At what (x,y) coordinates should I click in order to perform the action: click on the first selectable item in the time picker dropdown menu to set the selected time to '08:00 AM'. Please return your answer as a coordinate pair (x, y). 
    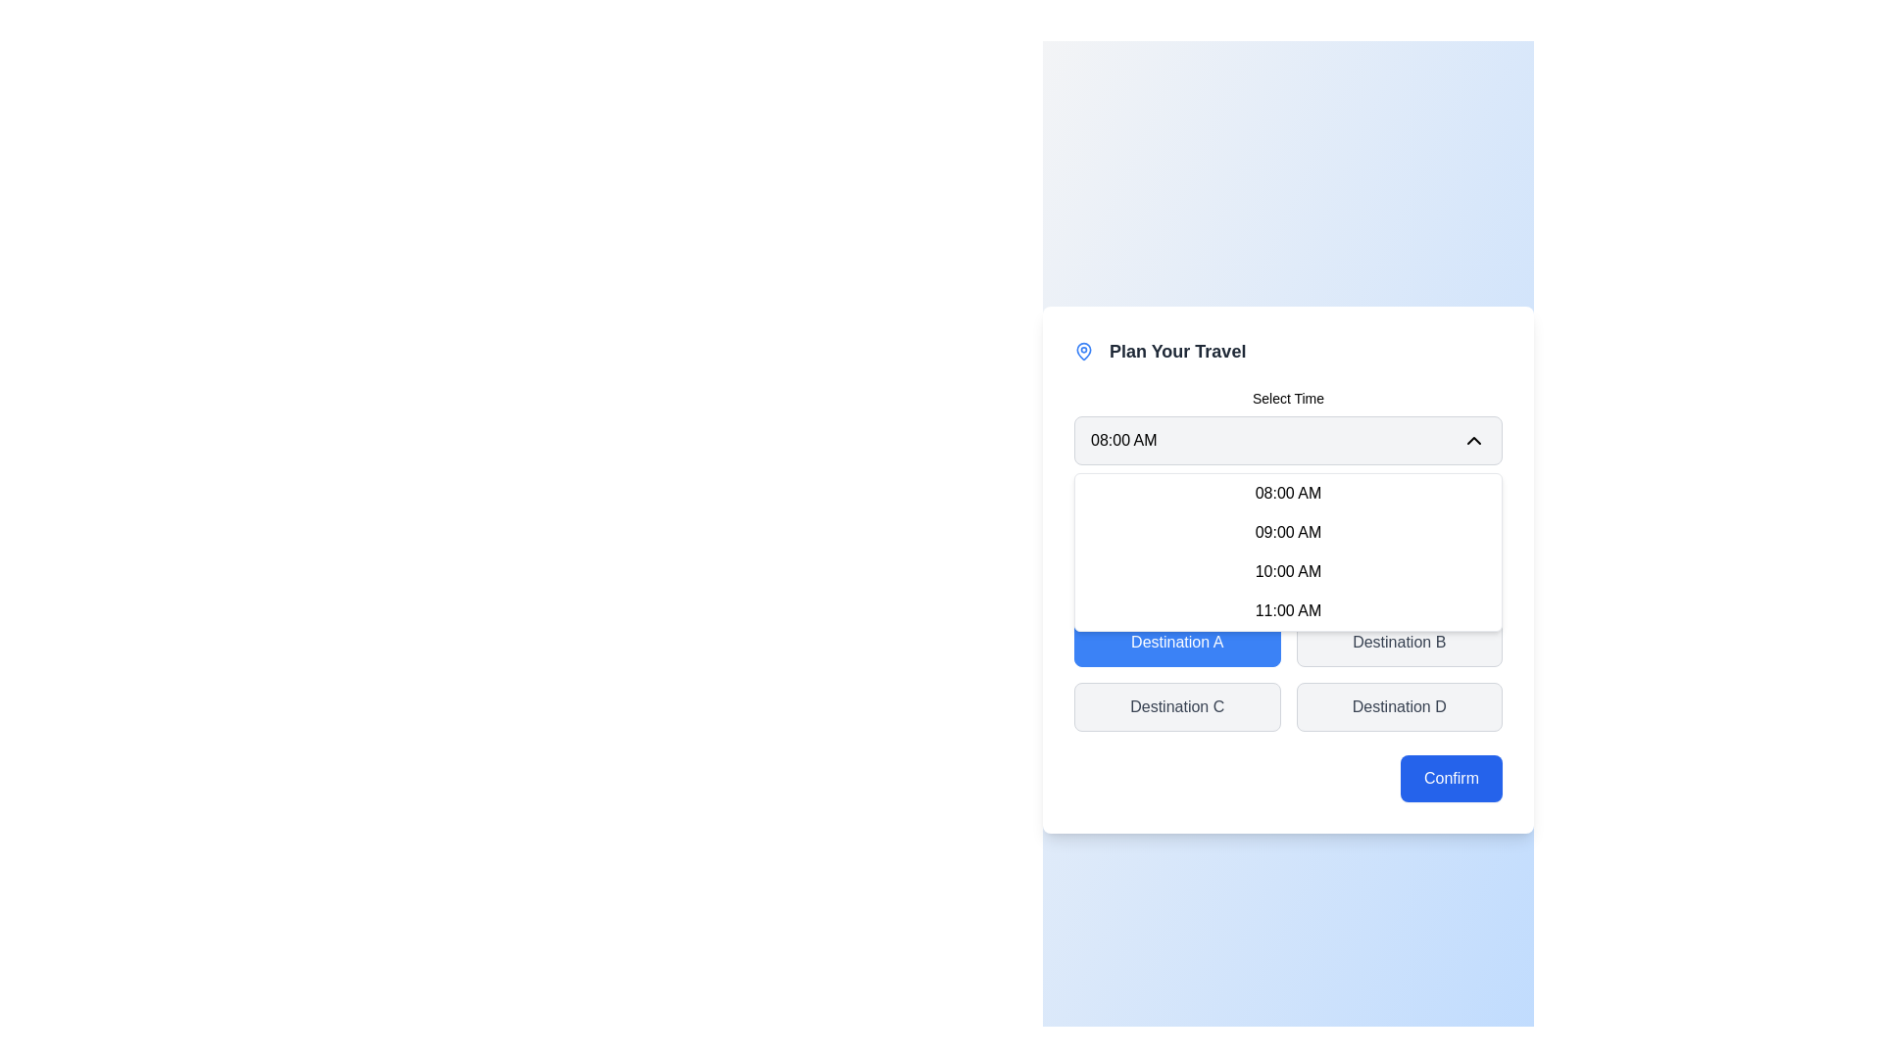
    Looking at the image, I should click on (1288, 493).